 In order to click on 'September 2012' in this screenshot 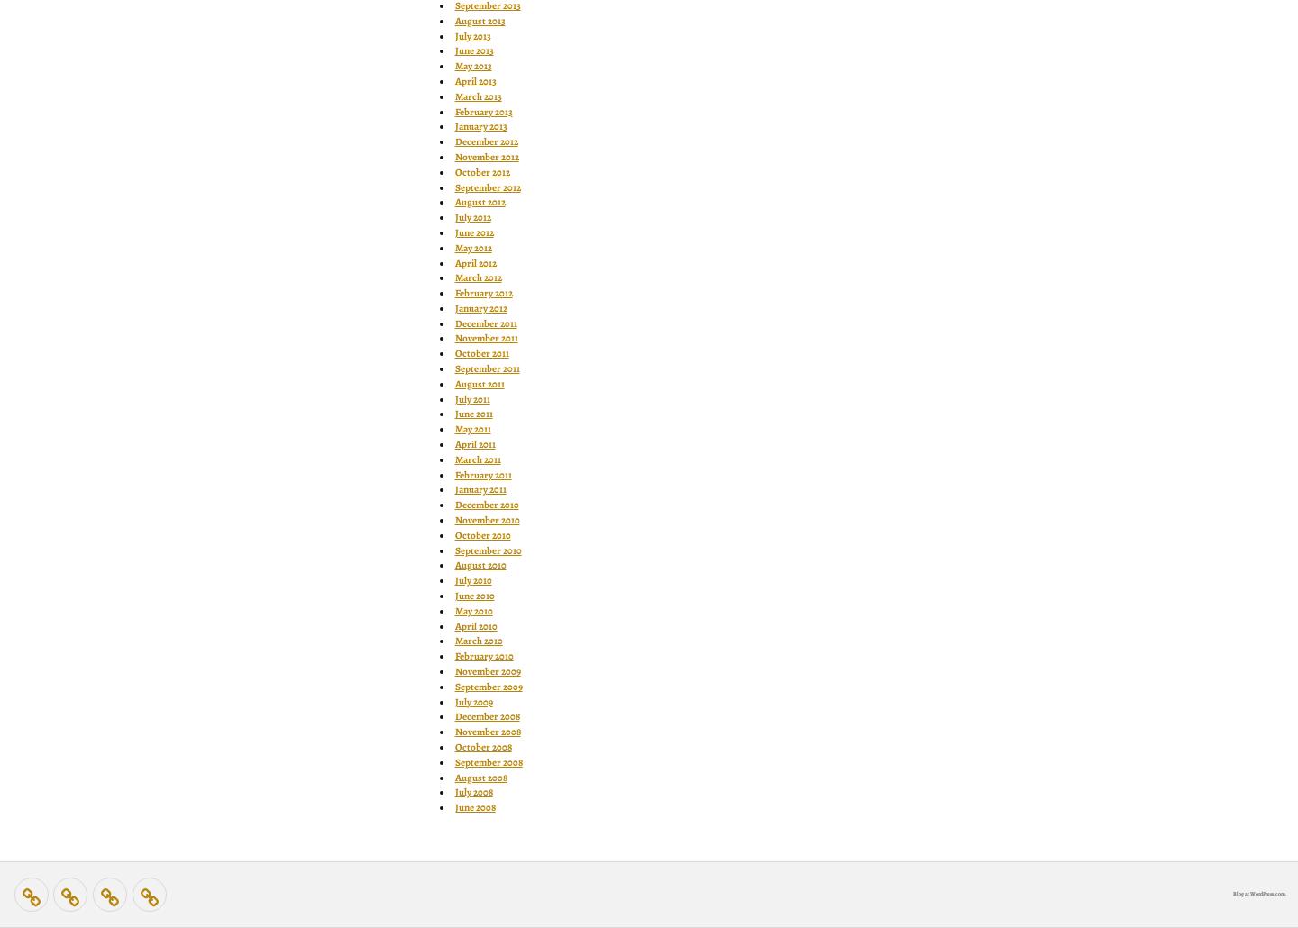, I will do `click(486, 187)`.